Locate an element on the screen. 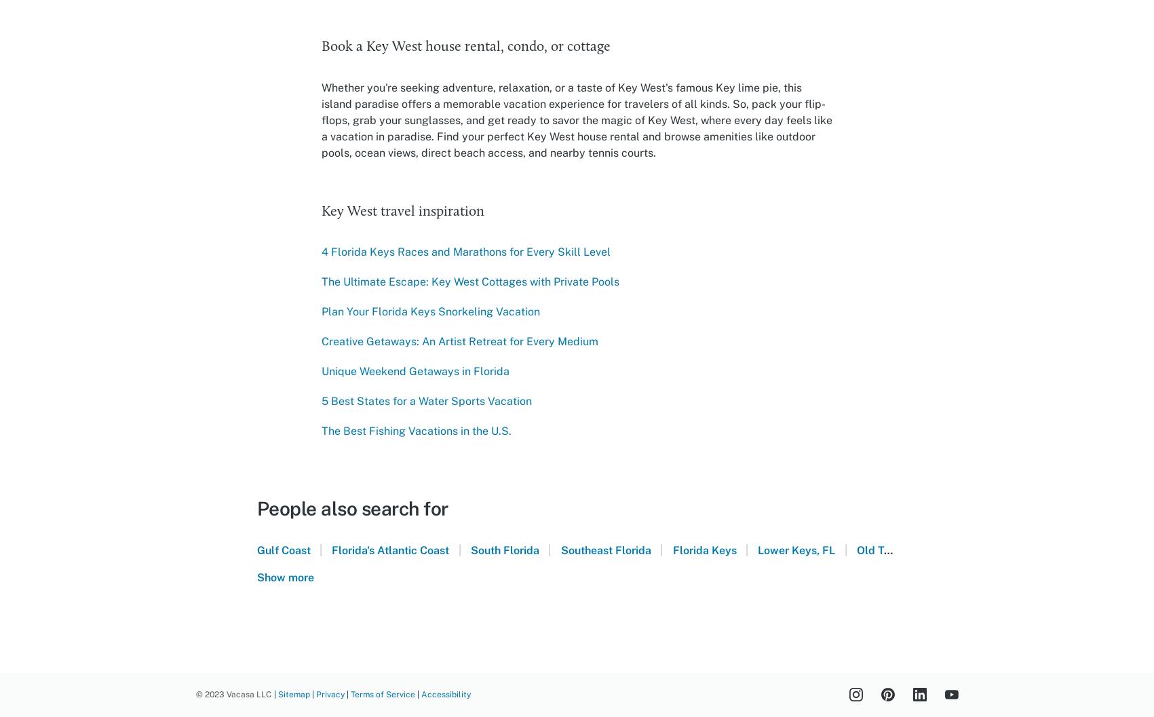  'The Best Fishing Vacations in the U.S.' is located at coordinates (415, 431).